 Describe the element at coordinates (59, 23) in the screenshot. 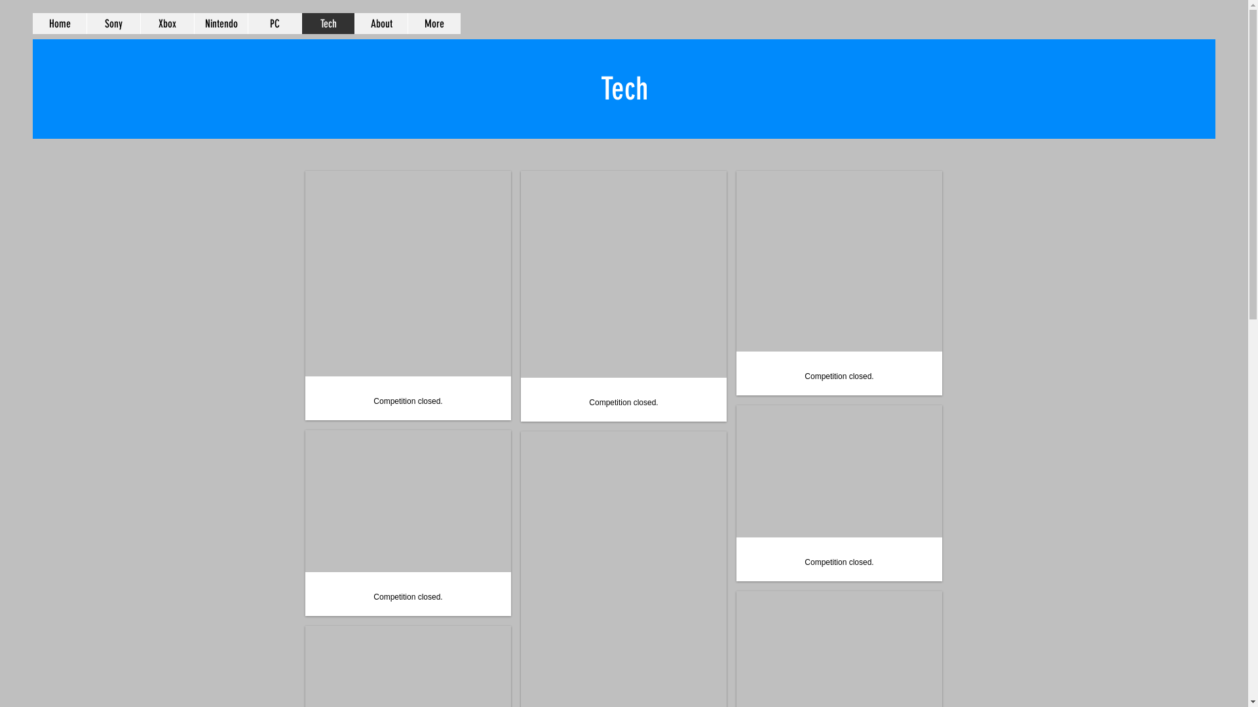

I see `'Home'` at that location.